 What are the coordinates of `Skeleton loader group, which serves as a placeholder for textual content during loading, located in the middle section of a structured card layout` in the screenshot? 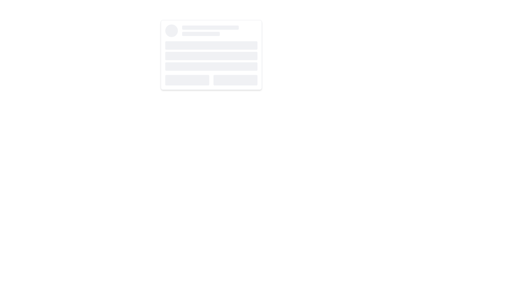 It's located at (211, 56).